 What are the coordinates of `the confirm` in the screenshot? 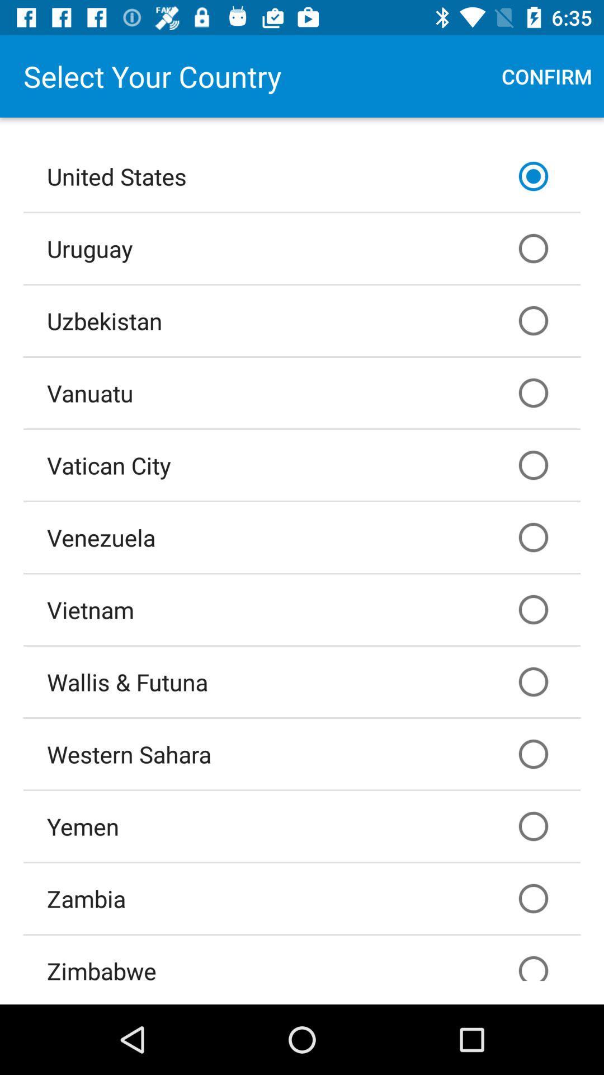 It's located at (546, 76).